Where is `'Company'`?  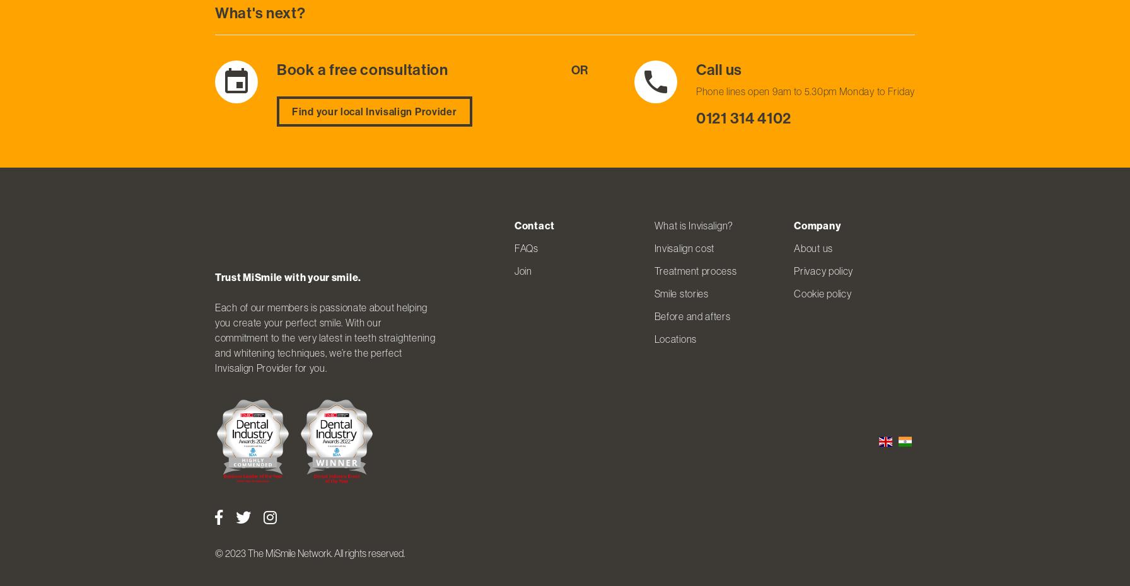
'Company' is located at coordinates (817, 224).